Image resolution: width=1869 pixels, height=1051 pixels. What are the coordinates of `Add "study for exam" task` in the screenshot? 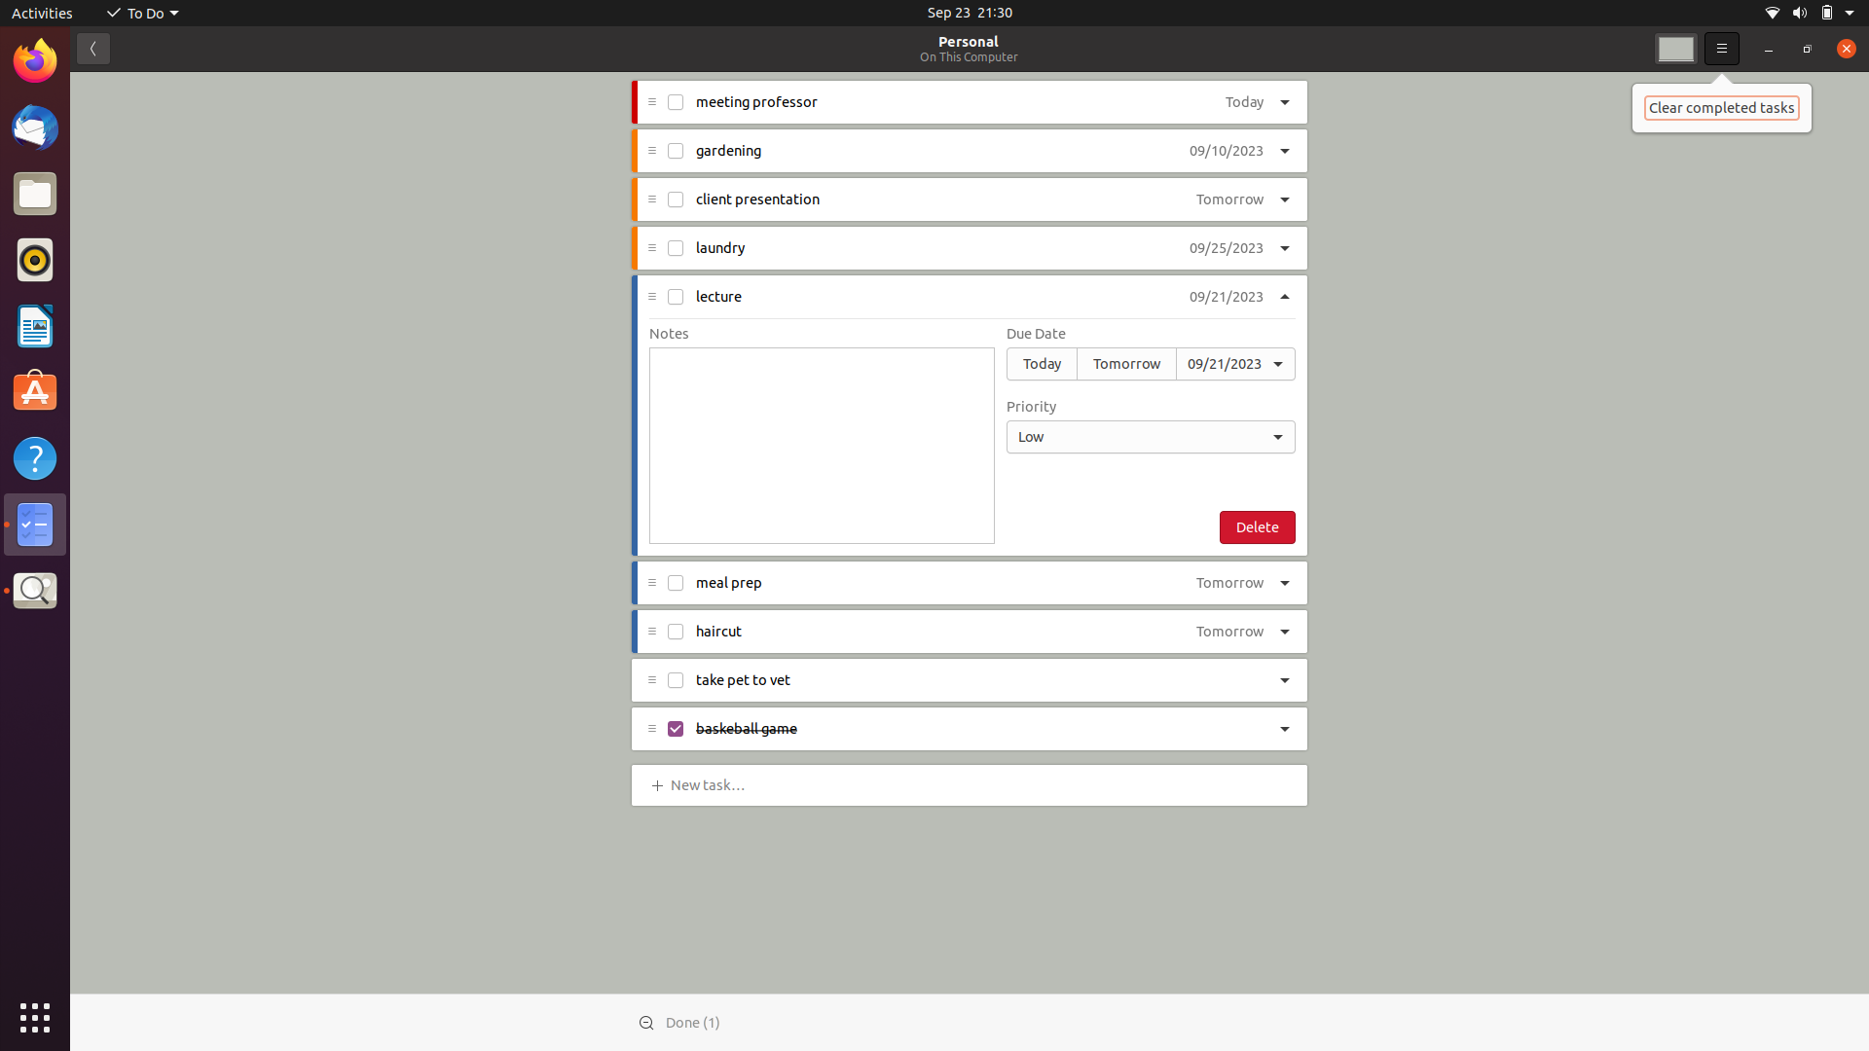 It's located at (711, 782).